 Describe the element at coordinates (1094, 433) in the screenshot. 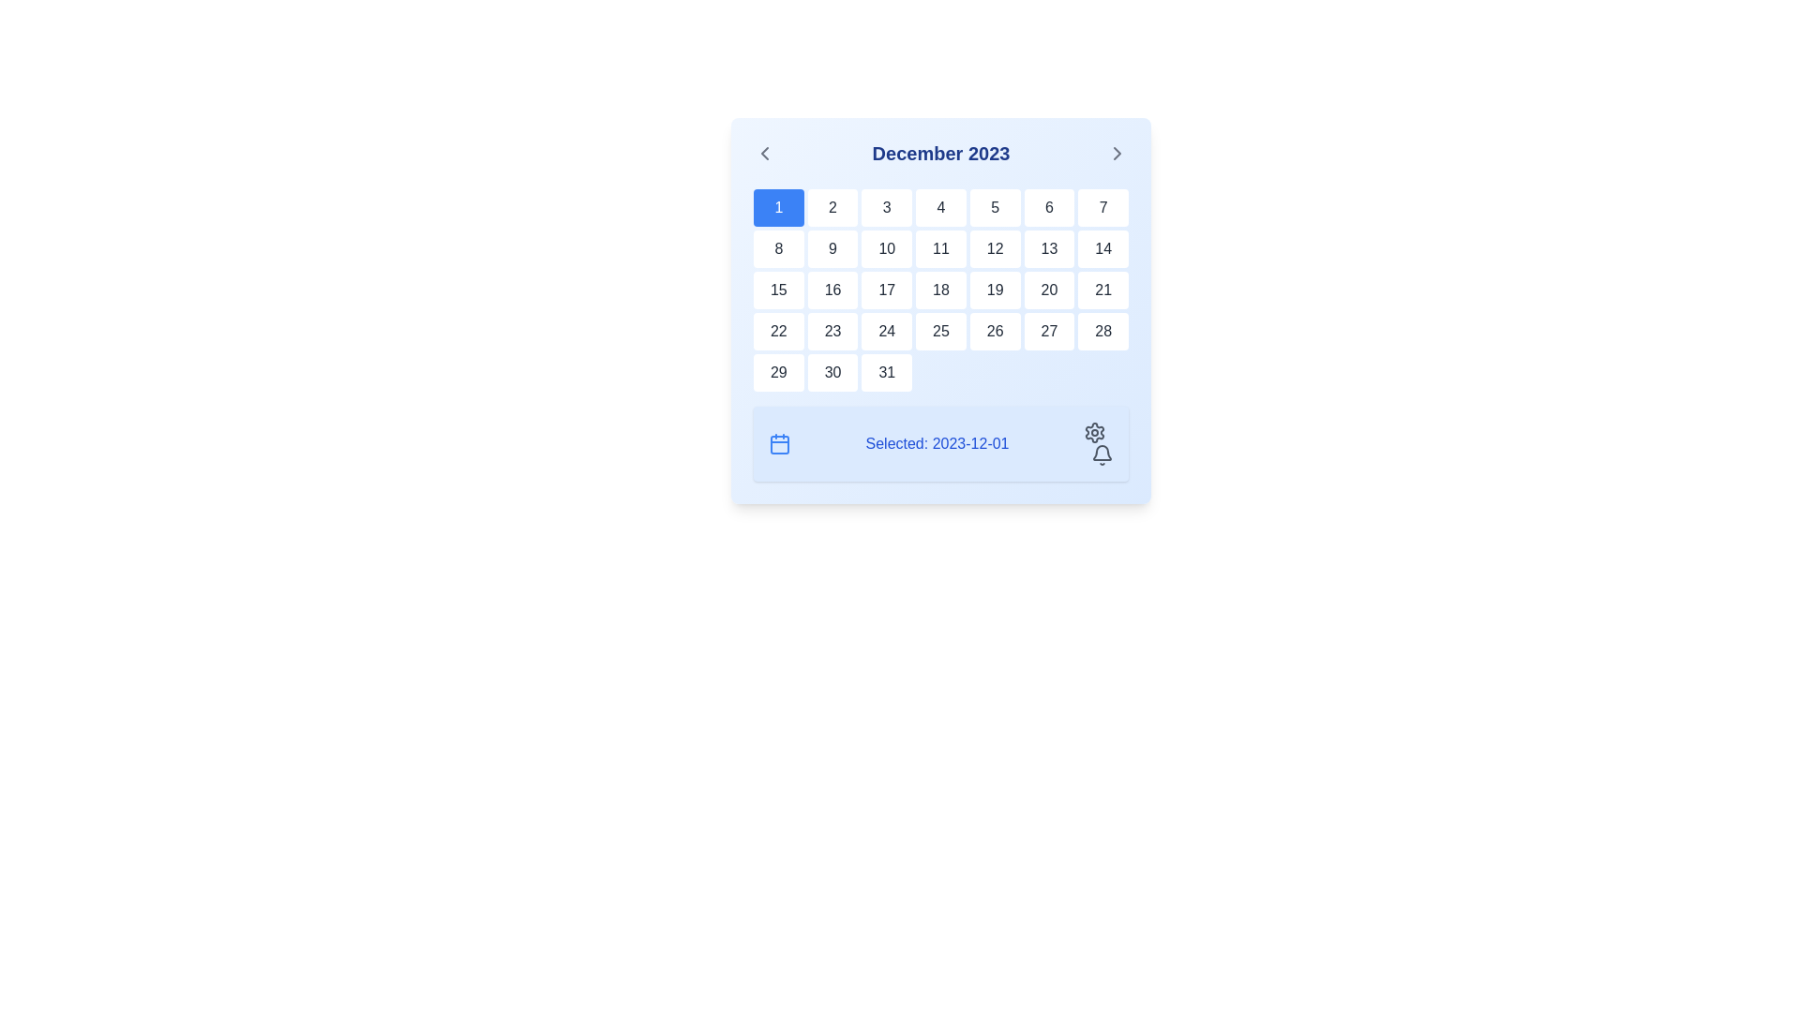

I see `the settings icon located at the bottom-right corner of the calendar interface` at that location.